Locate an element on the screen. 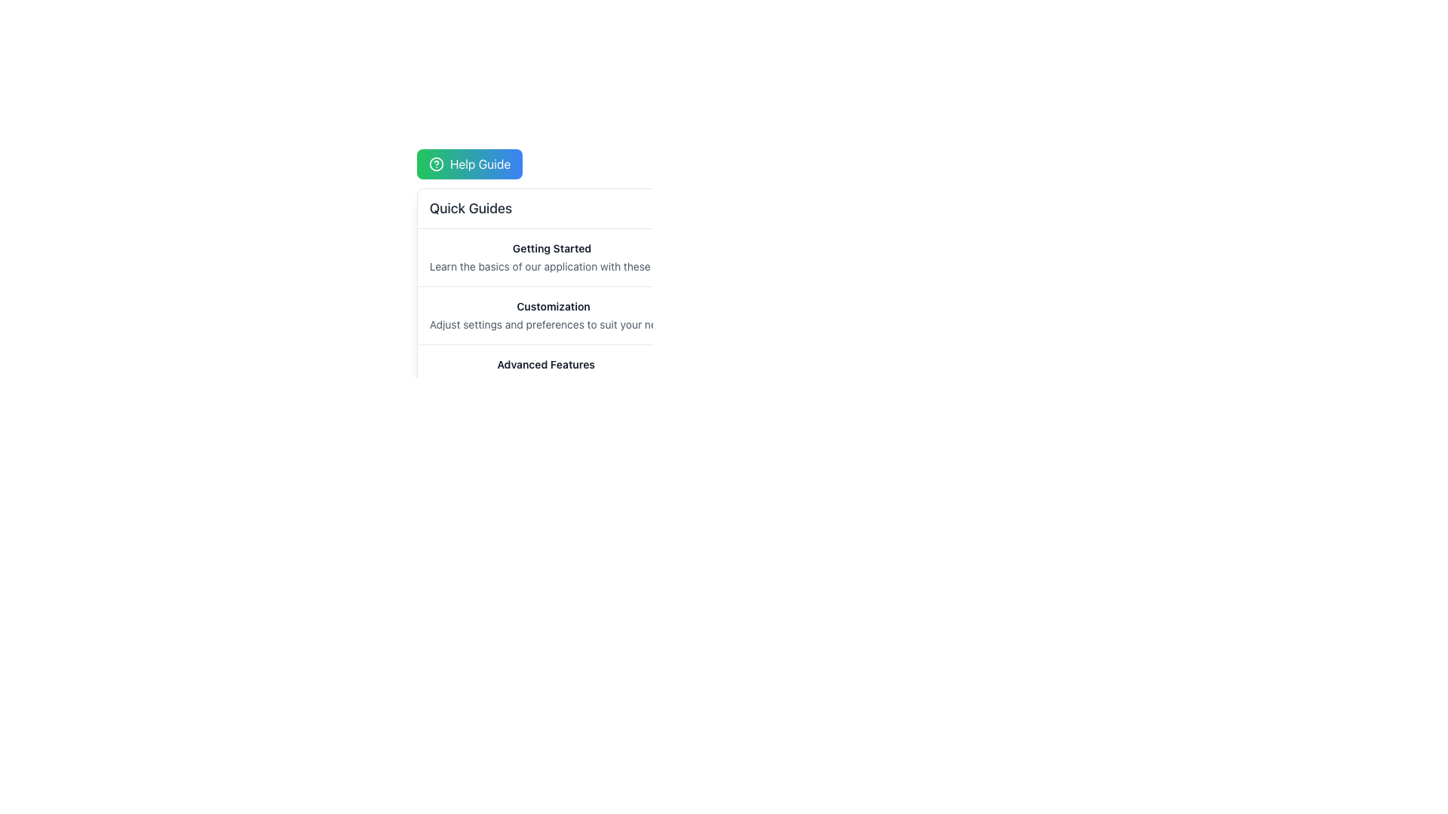 This screenshot has width=1448, height=814. the circular help icon with a gradient green background and a white question mark symbol, which is located next to the 'Help Guide' button is located at coordinates (435, 164).